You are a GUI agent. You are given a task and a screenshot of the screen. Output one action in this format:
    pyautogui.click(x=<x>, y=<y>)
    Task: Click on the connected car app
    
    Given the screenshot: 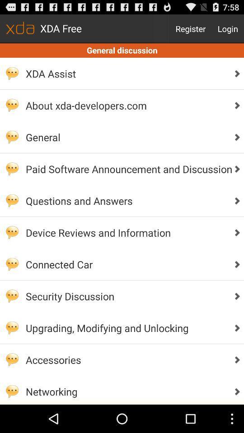 What is the action you would take?
    pyautogui.click(x=126, y=264)
    